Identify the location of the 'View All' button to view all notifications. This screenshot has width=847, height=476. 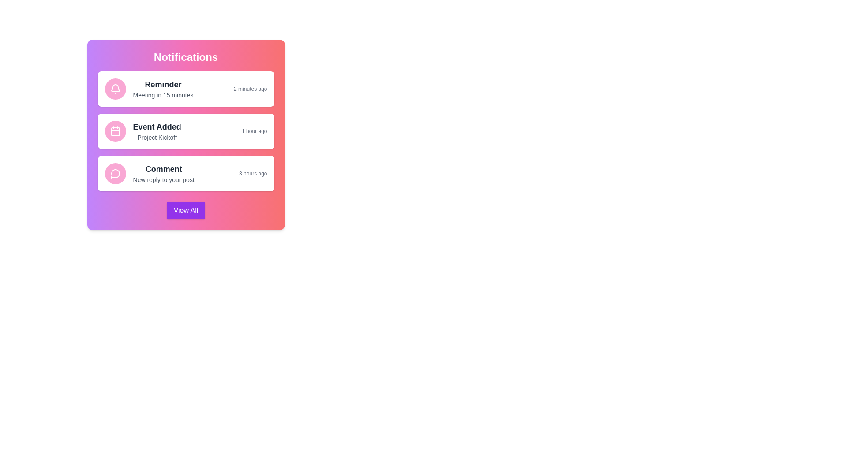
(185, 211).